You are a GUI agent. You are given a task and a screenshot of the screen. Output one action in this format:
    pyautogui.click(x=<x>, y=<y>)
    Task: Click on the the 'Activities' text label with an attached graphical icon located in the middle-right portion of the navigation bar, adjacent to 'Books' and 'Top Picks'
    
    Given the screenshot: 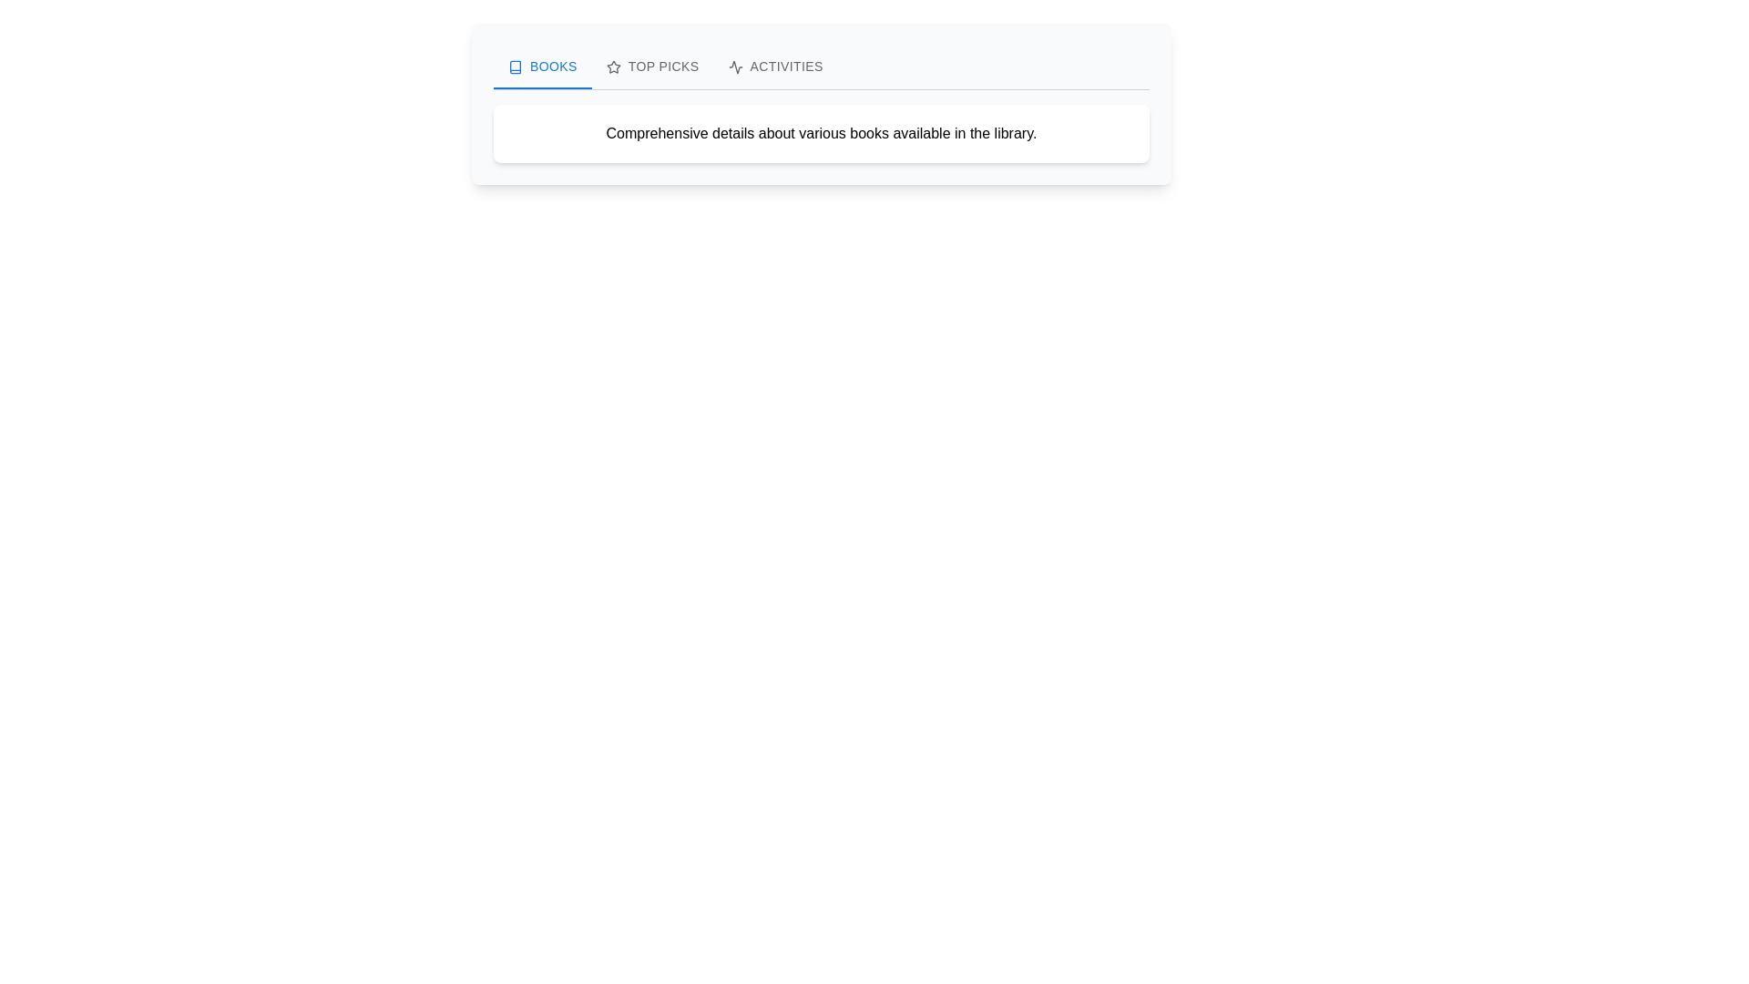 What is the action you would take?
    pyautogui.click(x=775, y=66)
    